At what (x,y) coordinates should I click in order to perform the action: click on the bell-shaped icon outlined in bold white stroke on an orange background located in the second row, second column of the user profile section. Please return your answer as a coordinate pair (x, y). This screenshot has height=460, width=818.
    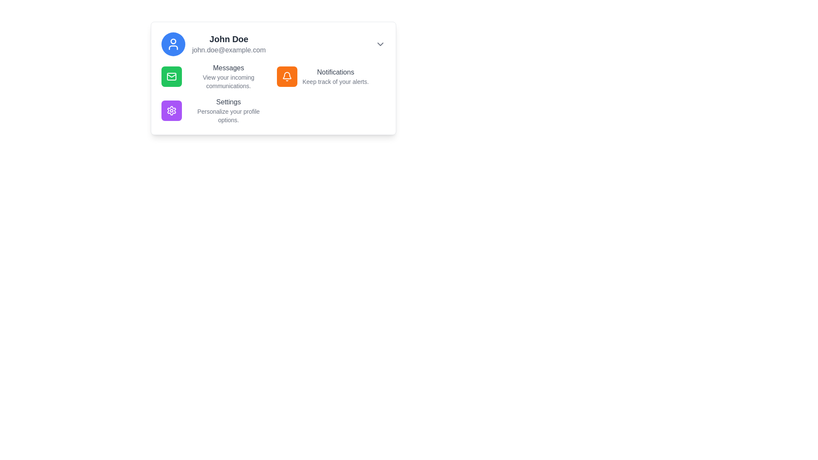
    Looking at the image, I should click on (287, 77).